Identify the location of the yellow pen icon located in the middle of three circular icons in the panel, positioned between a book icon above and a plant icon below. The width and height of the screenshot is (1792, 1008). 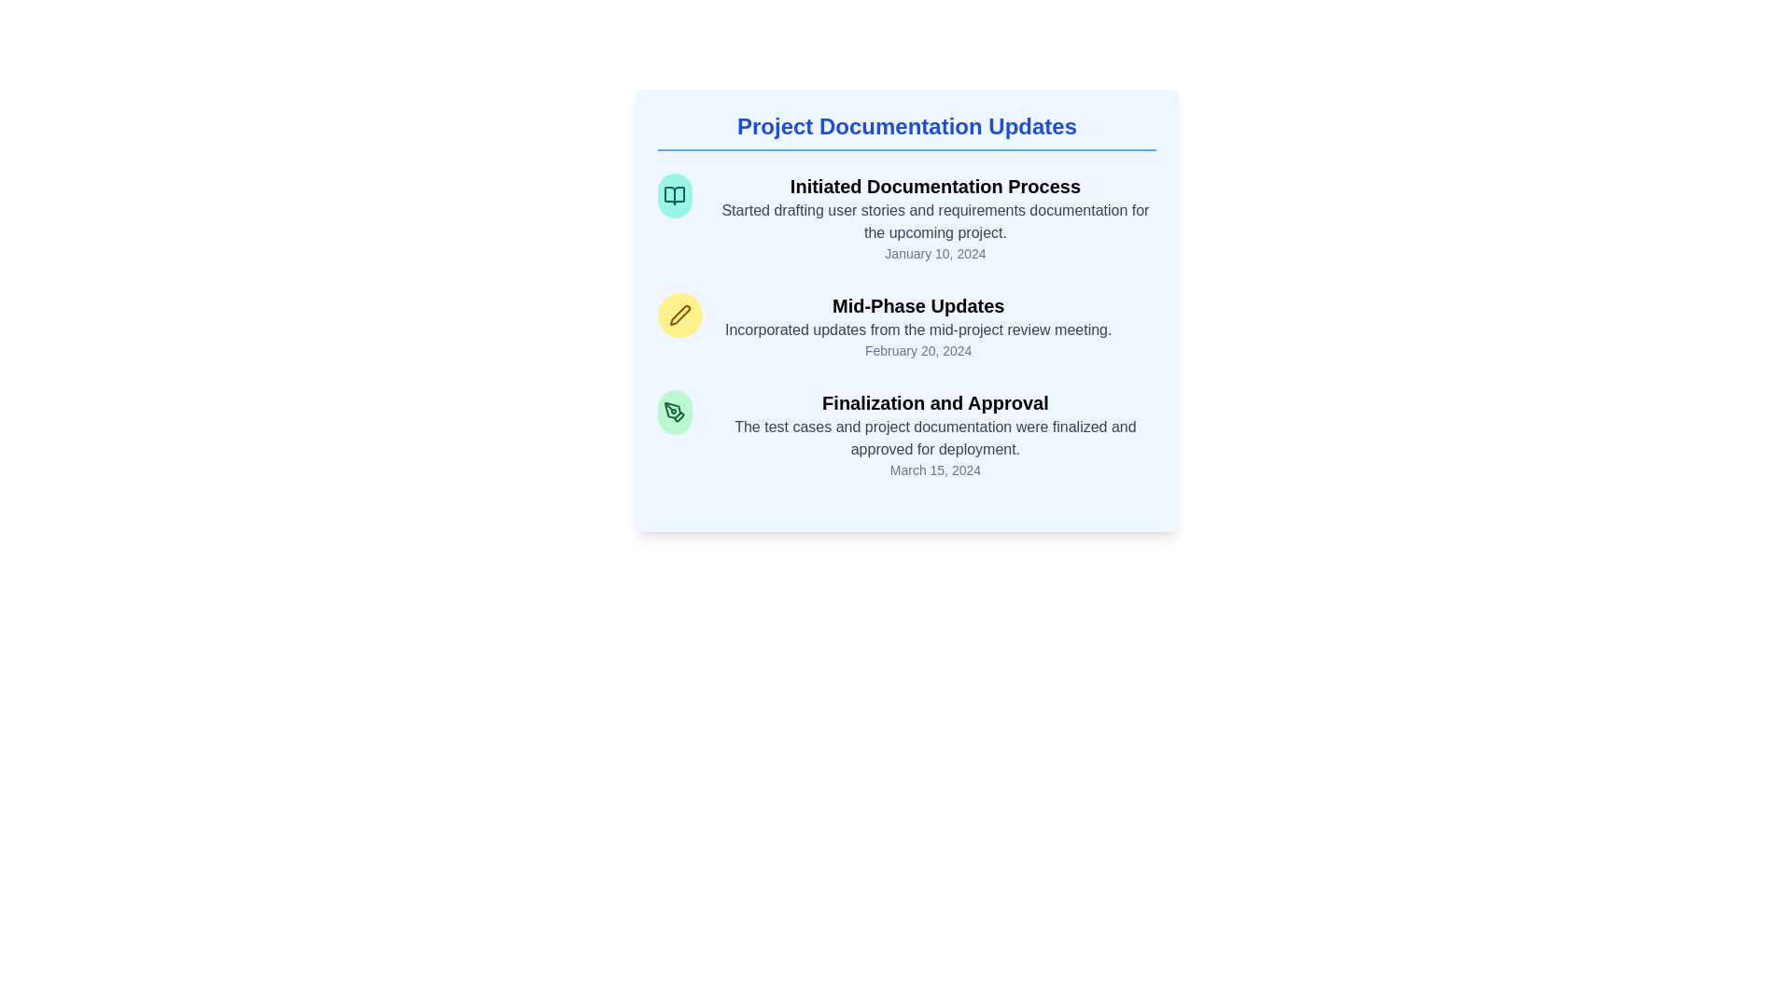
(679, 315).